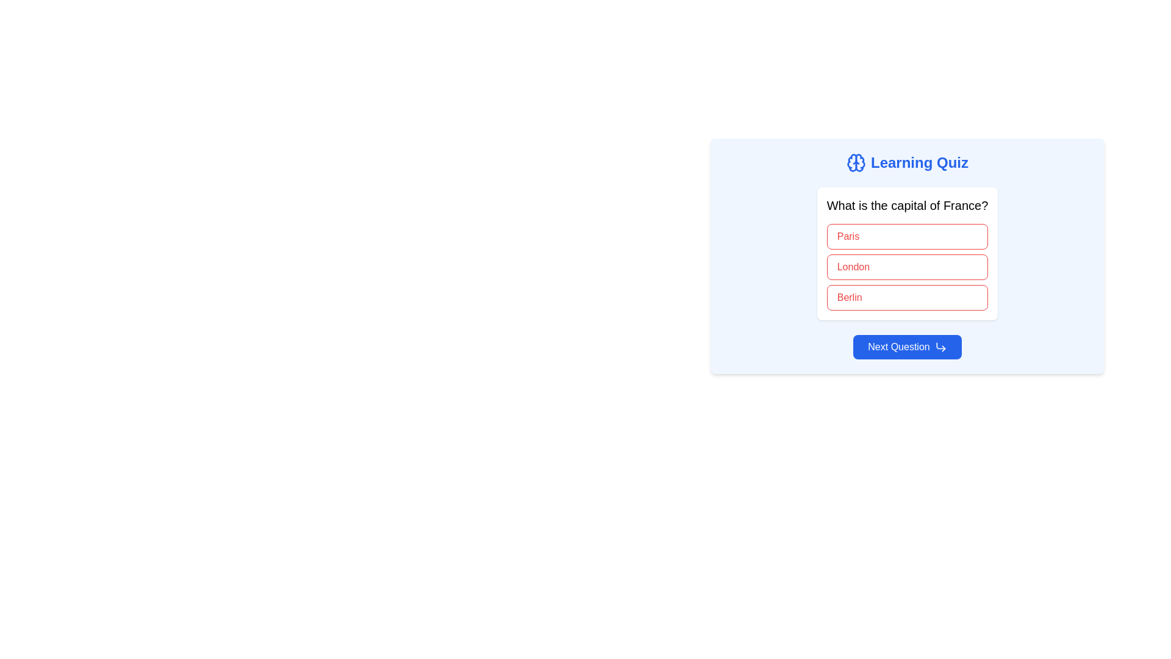 The height and width of the screenshot is (659, 1171). I want to click on the button labeled 'London', which is the second button in a vertical stack of three buttons, to change its background color to light blue, so click(908, 267).